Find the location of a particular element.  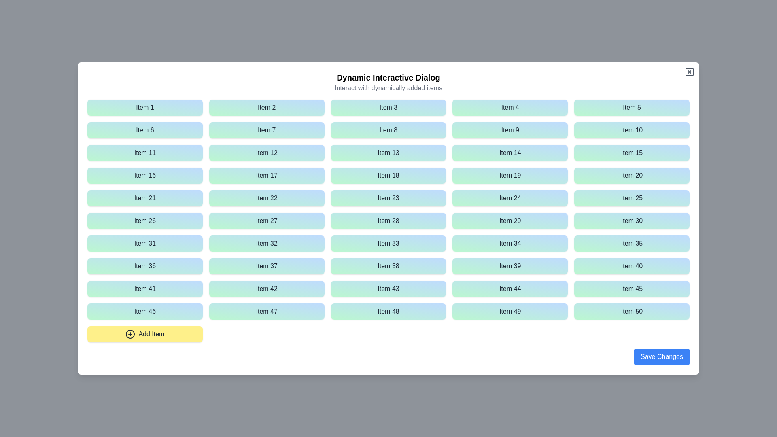

the close button to close the dialog is located at coordinates (689, 71).